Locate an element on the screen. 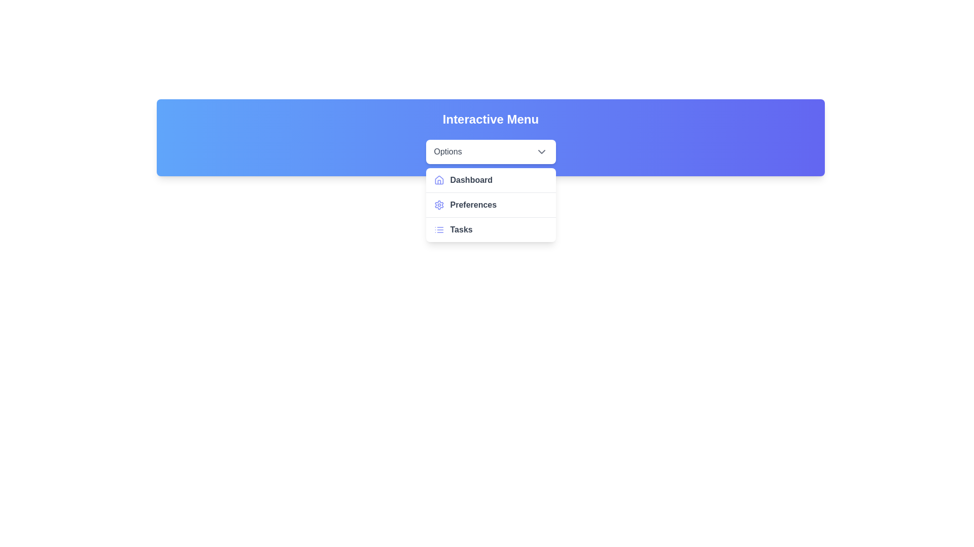 This screenshot has width=974, height=547. the downward-facing chevron icon located to the right of the 'Options' text is located at coordinates (541, 152).